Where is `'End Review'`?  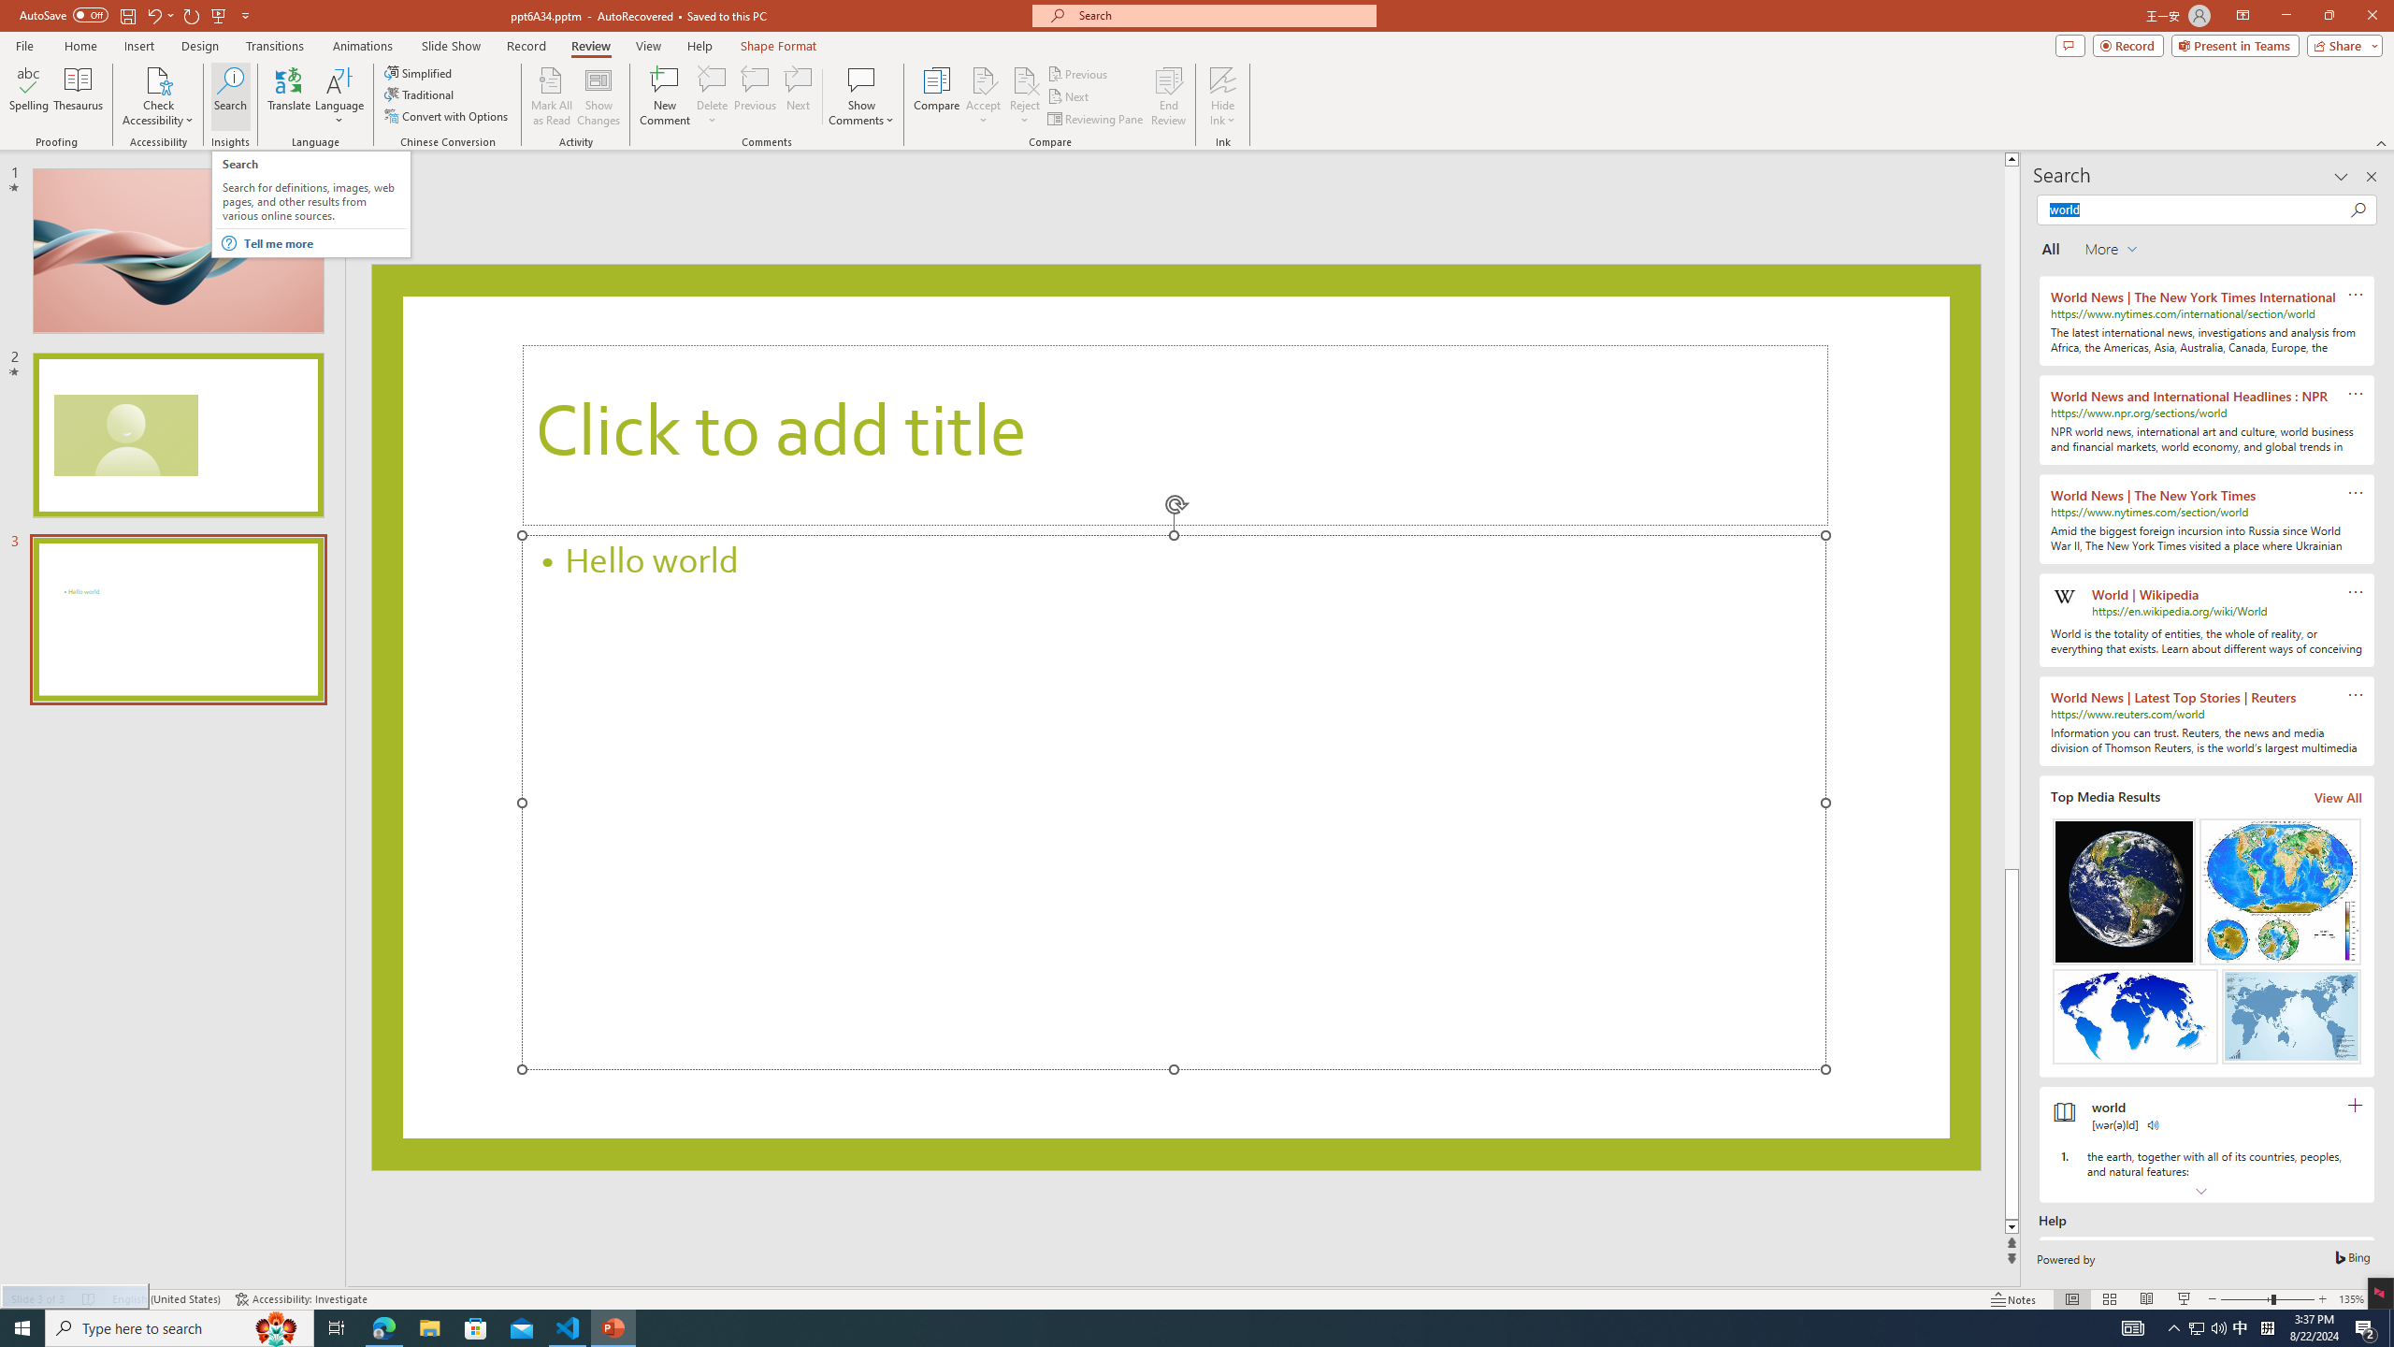 'End Review' is located at coordinates (1167, 96).